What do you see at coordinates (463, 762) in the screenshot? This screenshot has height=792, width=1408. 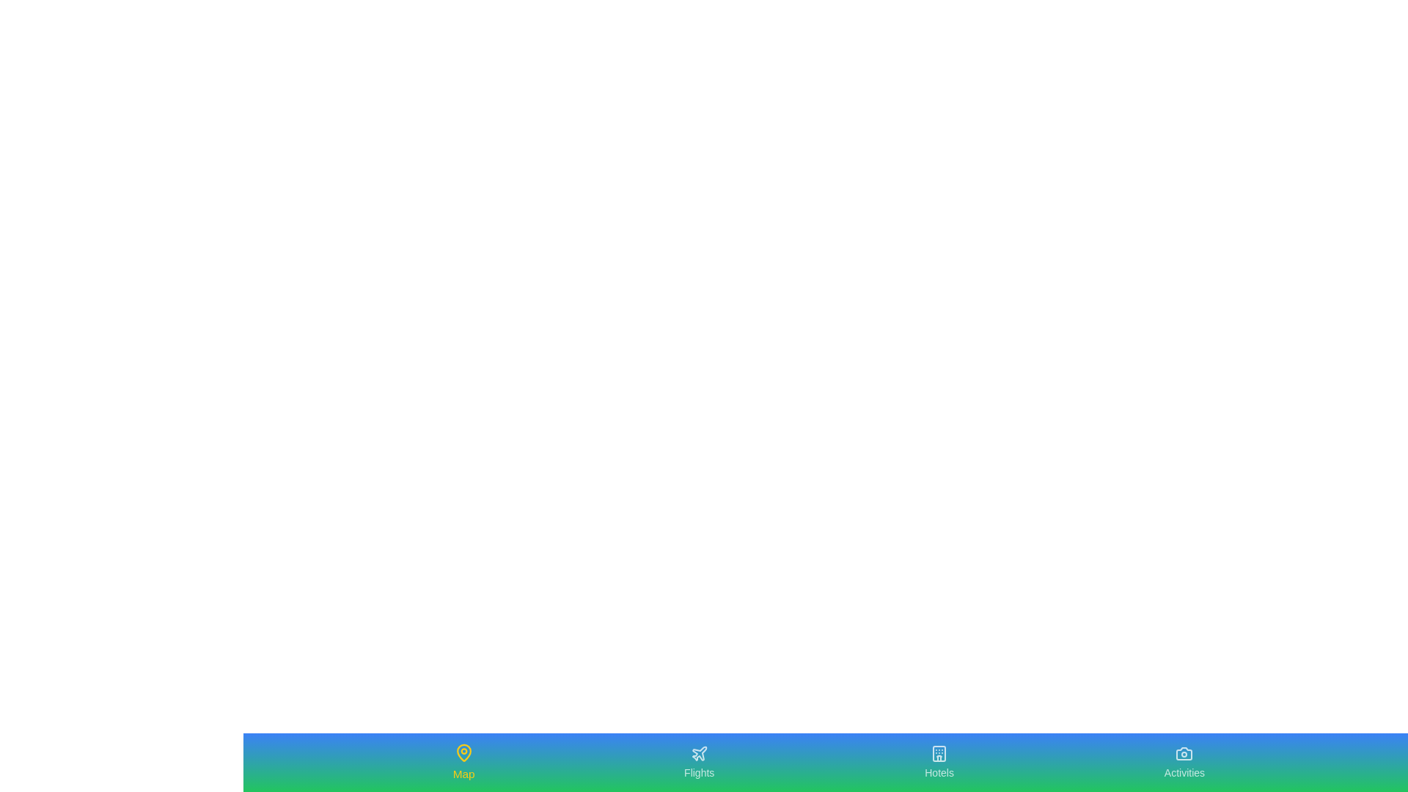 I see `the Map tab to navigate to the corresponding section` at bounding box center [463, 762].